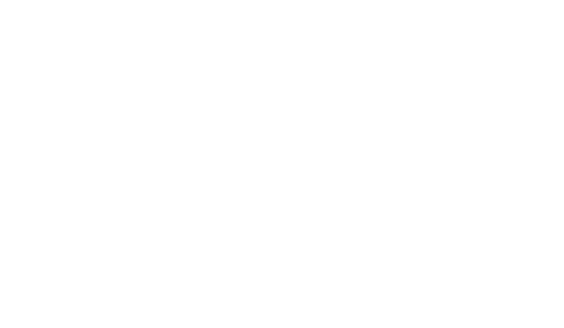 This screenshot has height=328, width=564. What do you see at coordinates (252, 125) in the screenshot?
I see `'Dimensions'` at bounding box center [252, 125].